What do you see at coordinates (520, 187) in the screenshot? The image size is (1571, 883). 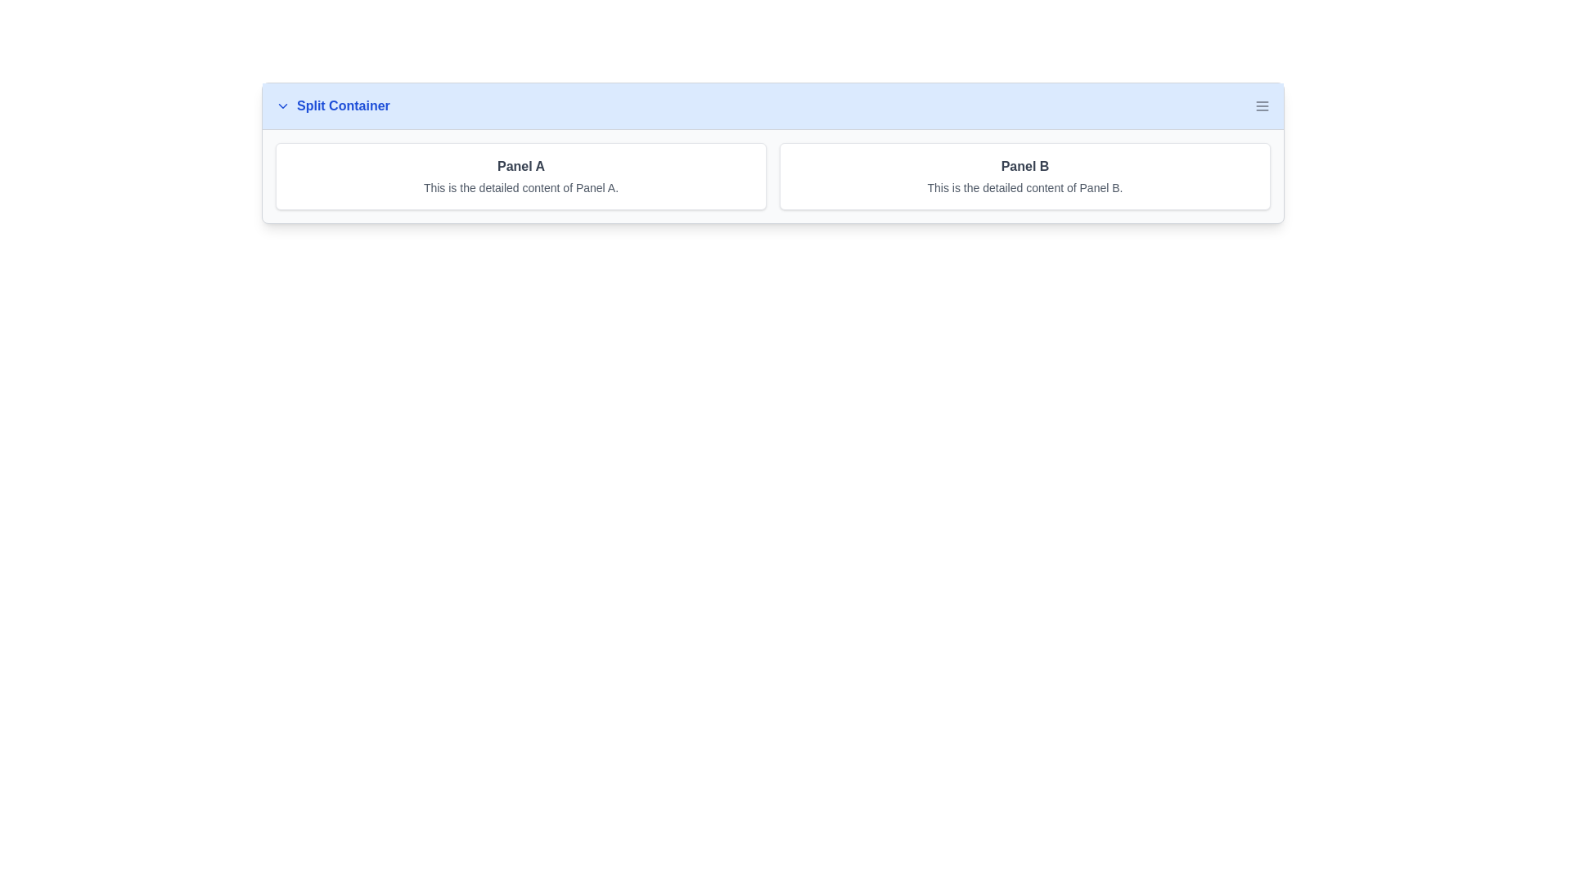 I see `the informational text element located at the bottom of 'Panel A' in the left panel` at bounding box center [520, 187].